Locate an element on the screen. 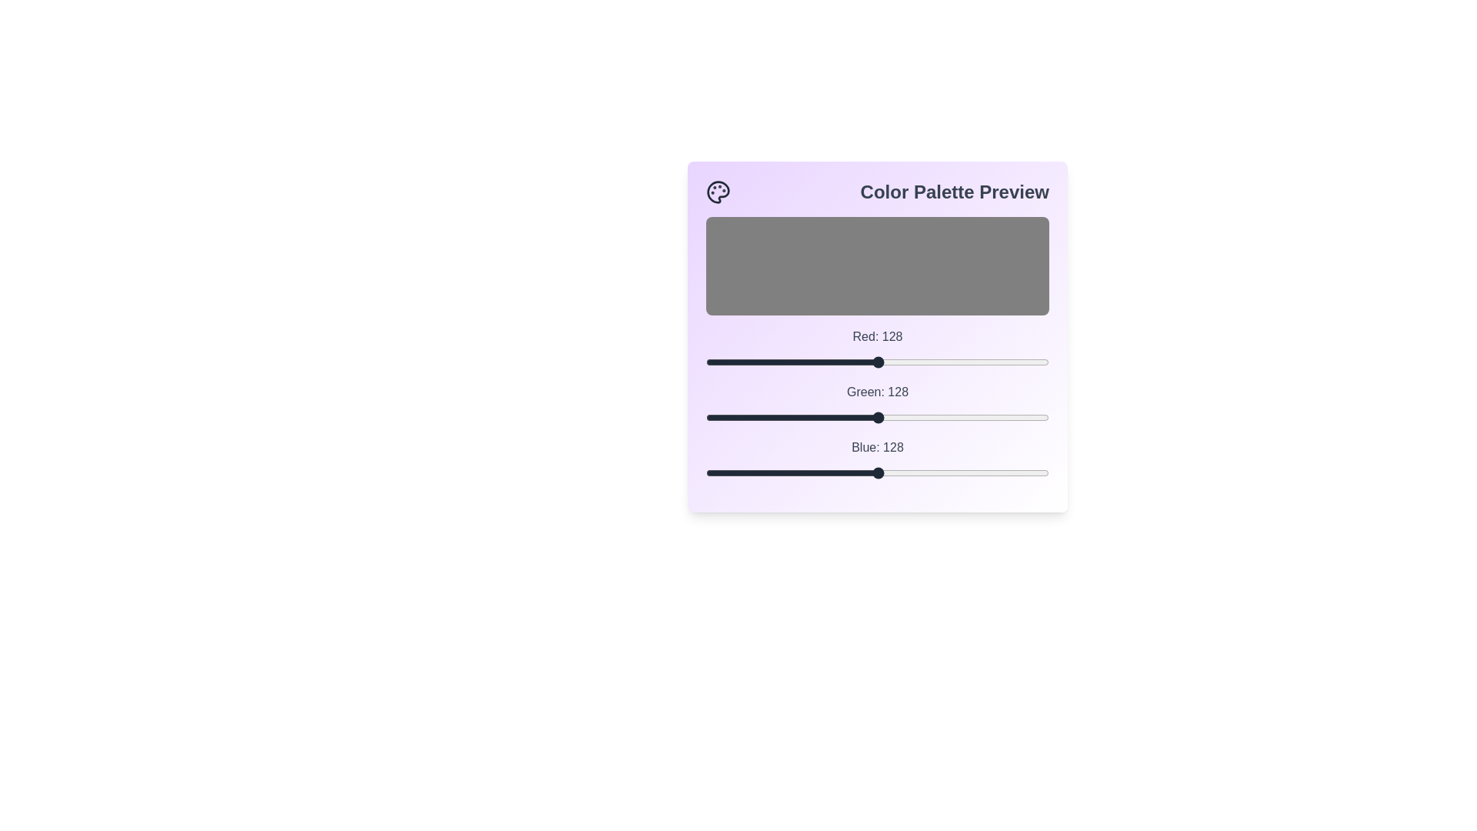 Image resolution: width=1477 pixels, height=831 pixels. the 'Blue' component range slider, which is the third slider is located at coordinates (878, 472).